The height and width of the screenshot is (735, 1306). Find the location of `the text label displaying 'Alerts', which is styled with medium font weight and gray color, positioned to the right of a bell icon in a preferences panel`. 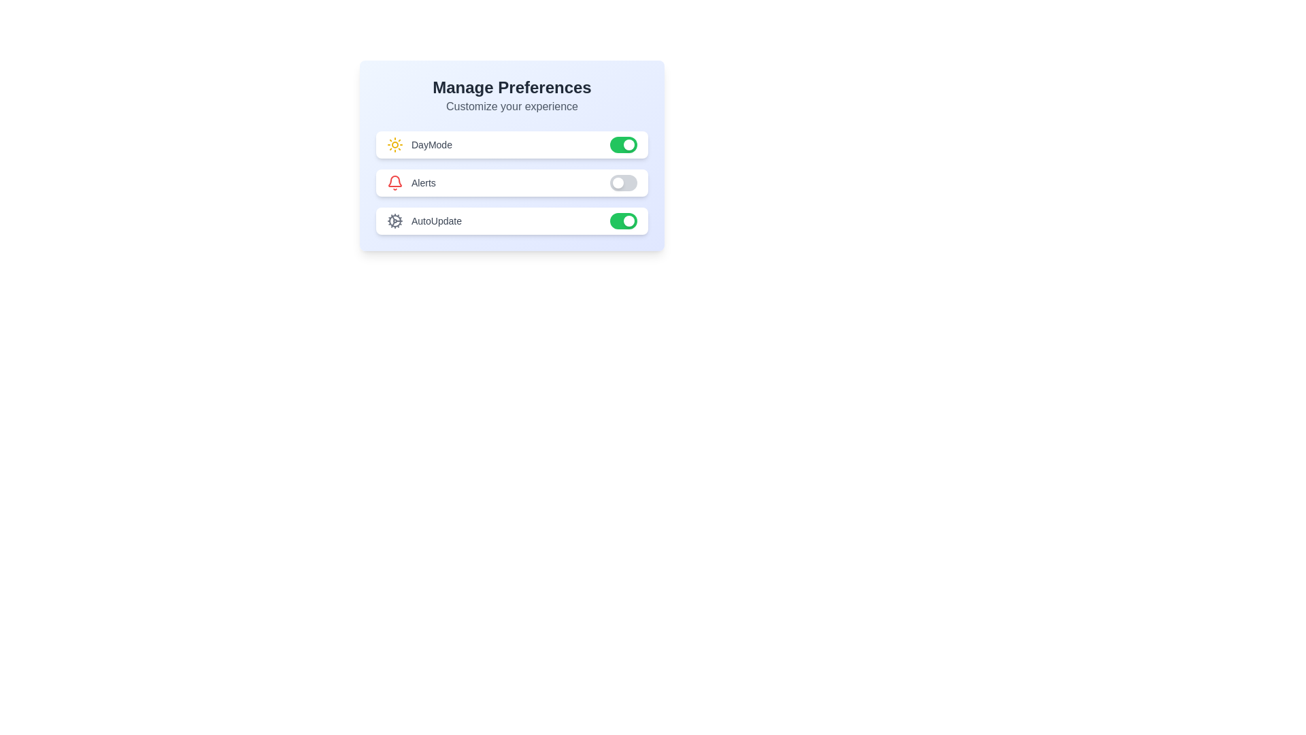

the text label displaying 'Alerts', which is styled with medium font weight and gray color, positioned to the right of a bell icon in a preferences panel is located at coordinates (422, 182).